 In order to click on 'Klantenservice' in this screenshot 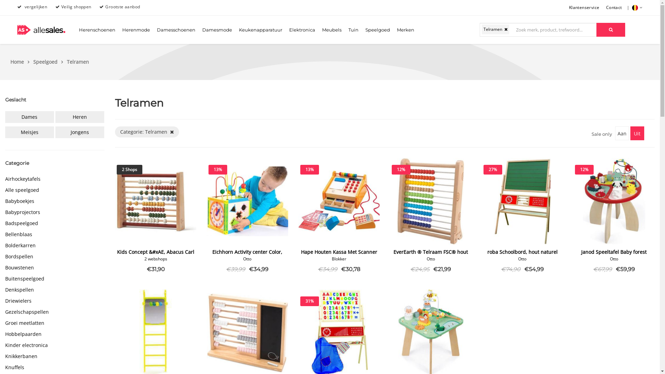, I will do `click(584, 8)`.